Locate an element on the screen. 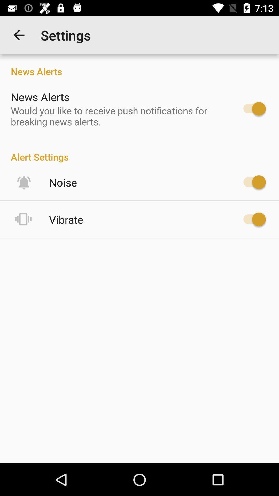 This screenshot has height=496, width=279. the noise icon is located at coordinates (63, 182).